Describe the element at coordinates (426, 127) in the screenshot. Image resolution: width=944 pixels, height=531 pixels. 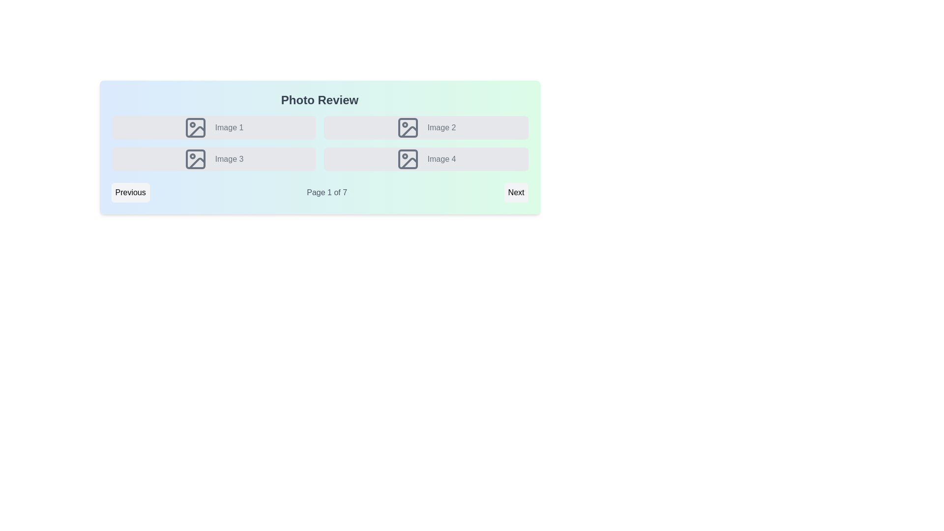
I see `the top-right selectable grid item that has a gray background, rounded corners, an icon depicting an image, and the text 'Image 2'` at that location.